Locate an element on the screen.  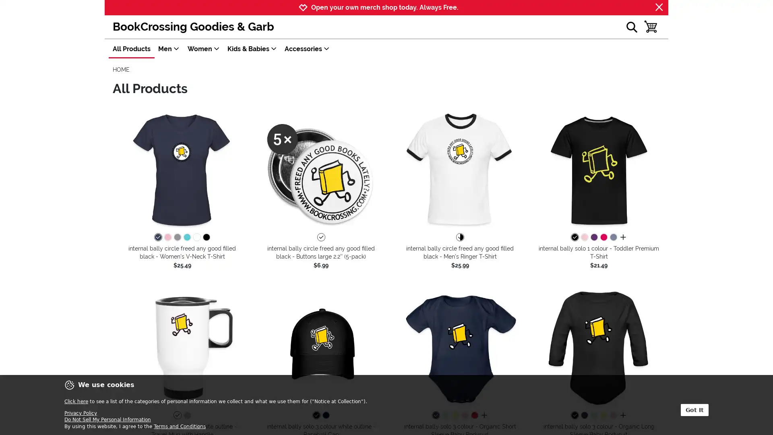
black is located at coordinates (574, 237).